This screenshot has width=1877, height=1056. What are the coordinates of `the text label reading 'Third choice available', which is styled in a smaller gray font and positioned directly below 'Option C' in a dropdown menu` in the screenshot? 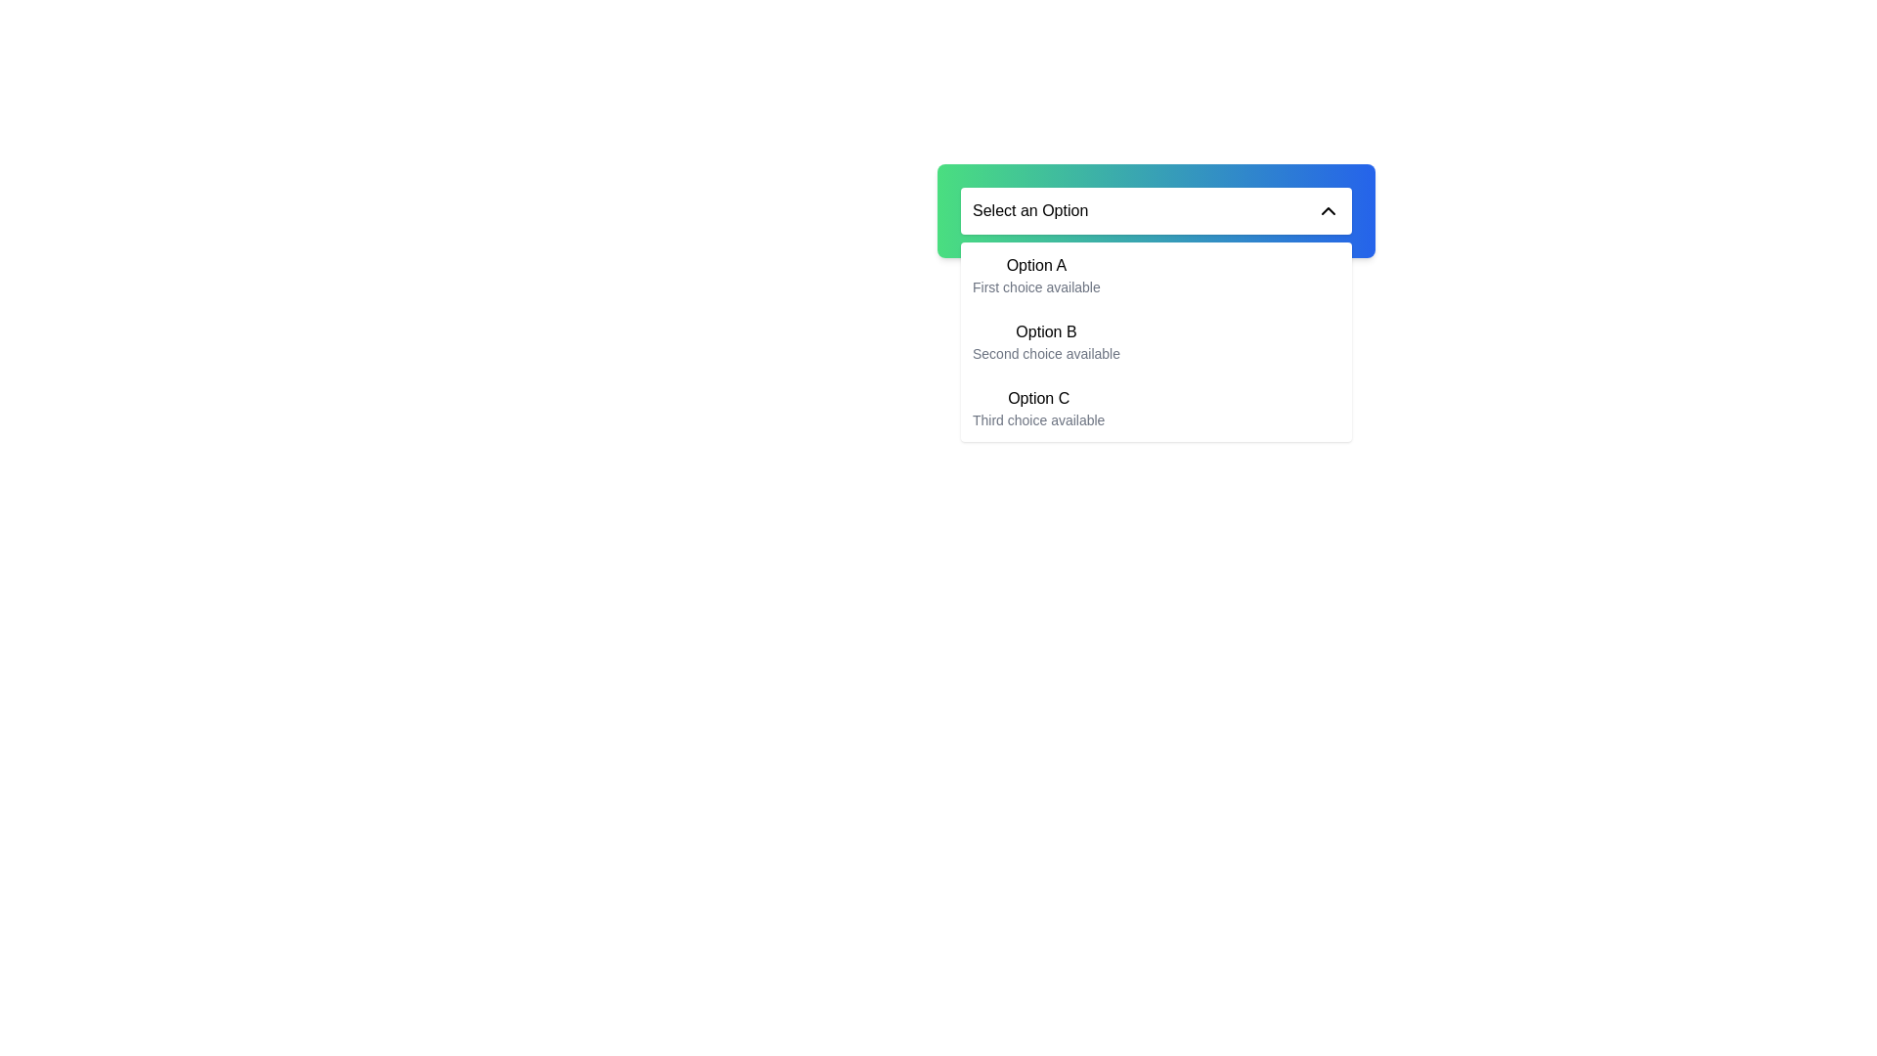 It's located at (1037, 418).